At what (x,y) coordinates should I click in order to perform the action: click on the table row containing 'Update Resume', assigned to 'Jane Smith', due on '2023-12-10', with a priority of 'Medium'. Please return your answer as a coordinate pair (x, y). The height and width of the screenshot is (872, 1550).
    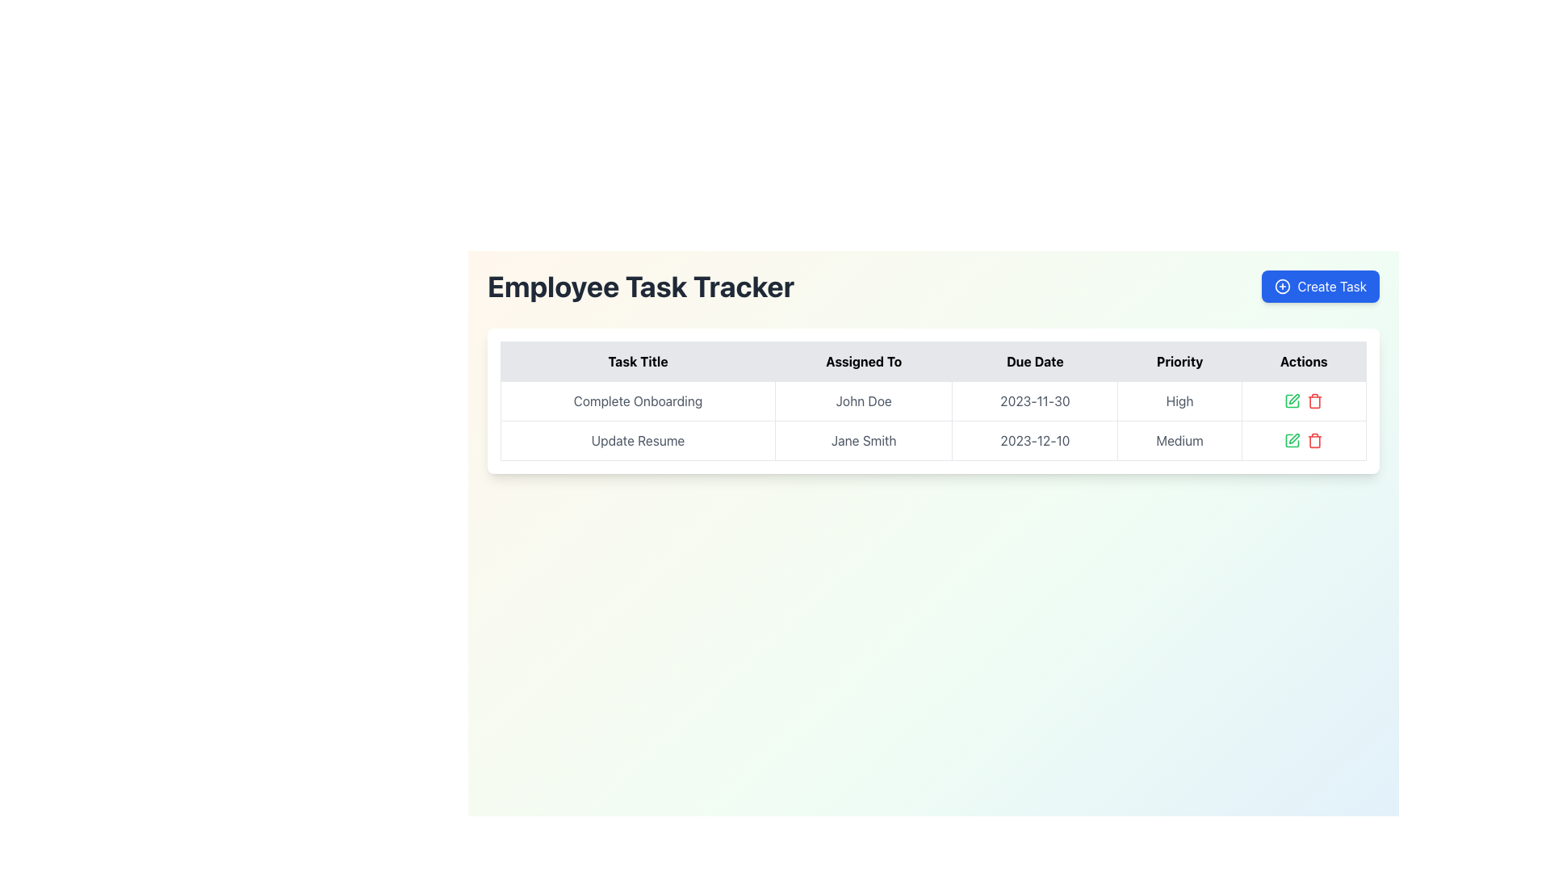
    Looking at the image, I should click on (933, 441).